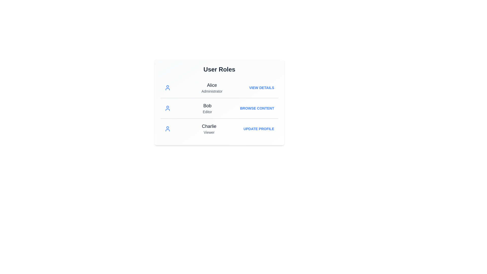 This screenshot has width=487, height=274. I want to click on the text label displaying 'Viewer' in gray color, located below 'Charlie' and to the left of 'UPDATE PROFILE' under the 'User Roles' header, so click(209, 132).